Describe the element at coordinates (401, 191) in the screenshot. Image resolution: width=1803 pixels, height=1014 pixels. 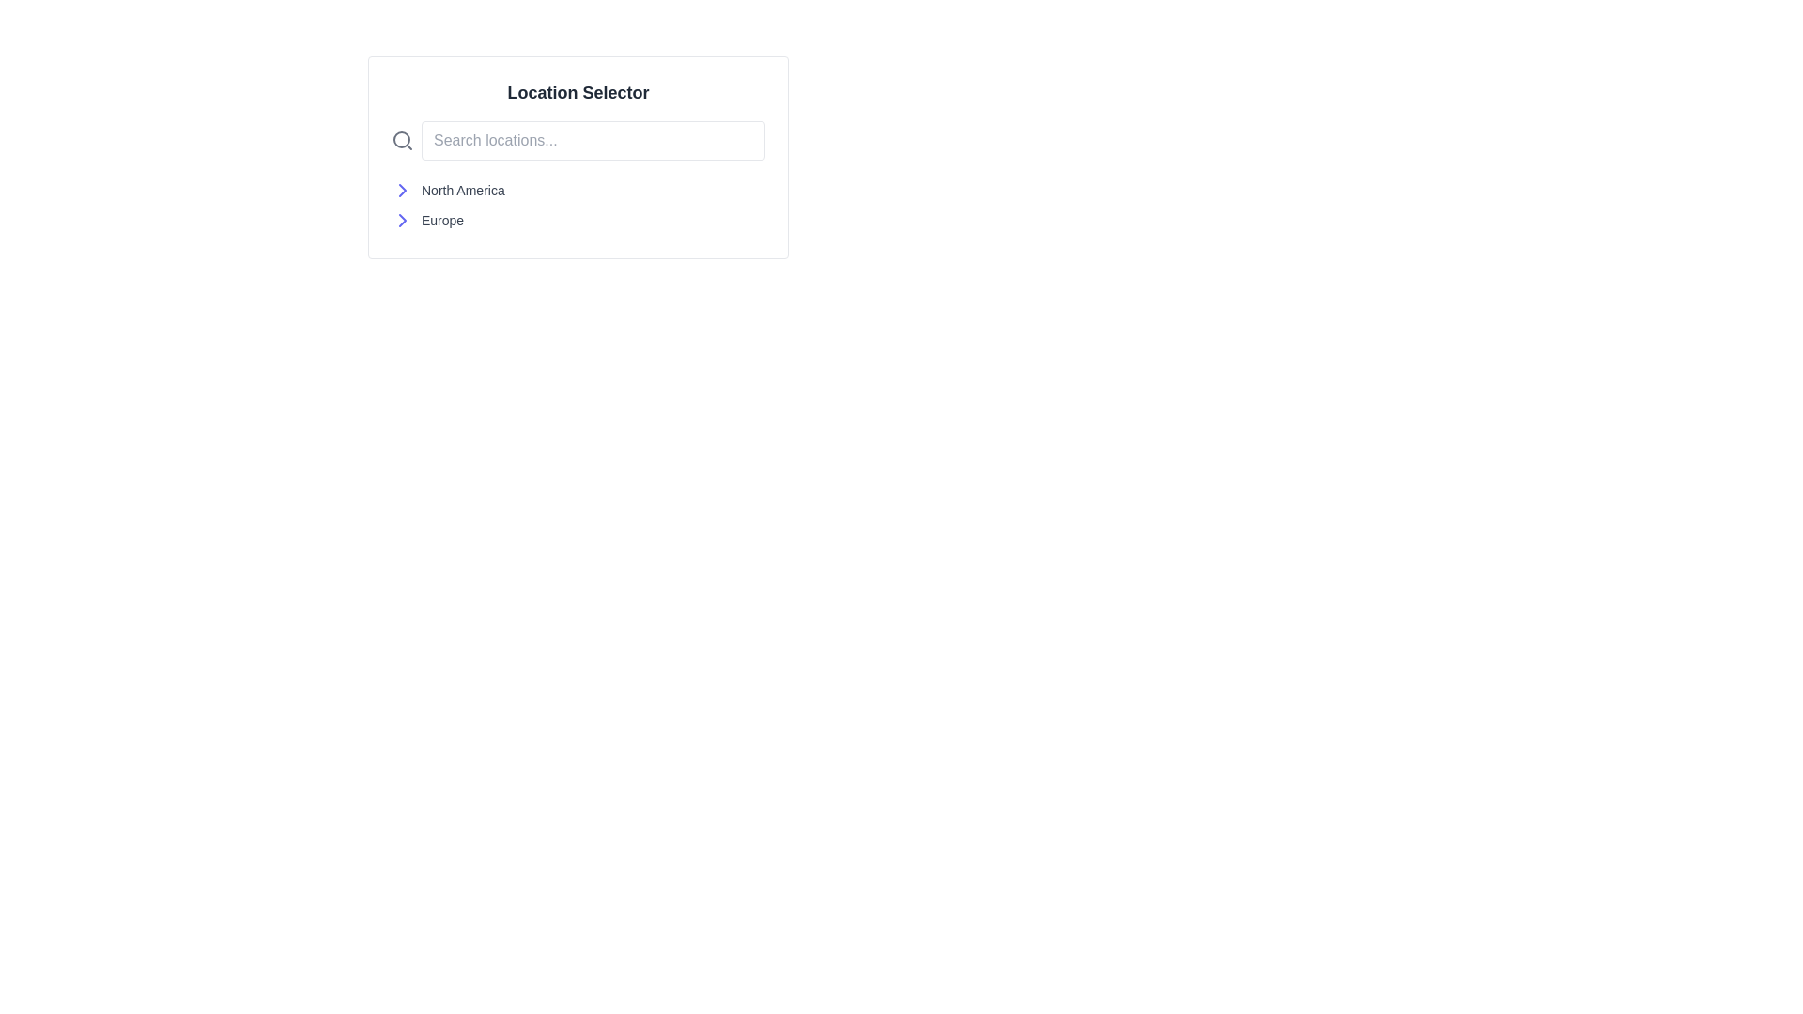
I see `the rightward-pointing chevron icon in indigo color, located to the left of the text 'North America'` at that location.